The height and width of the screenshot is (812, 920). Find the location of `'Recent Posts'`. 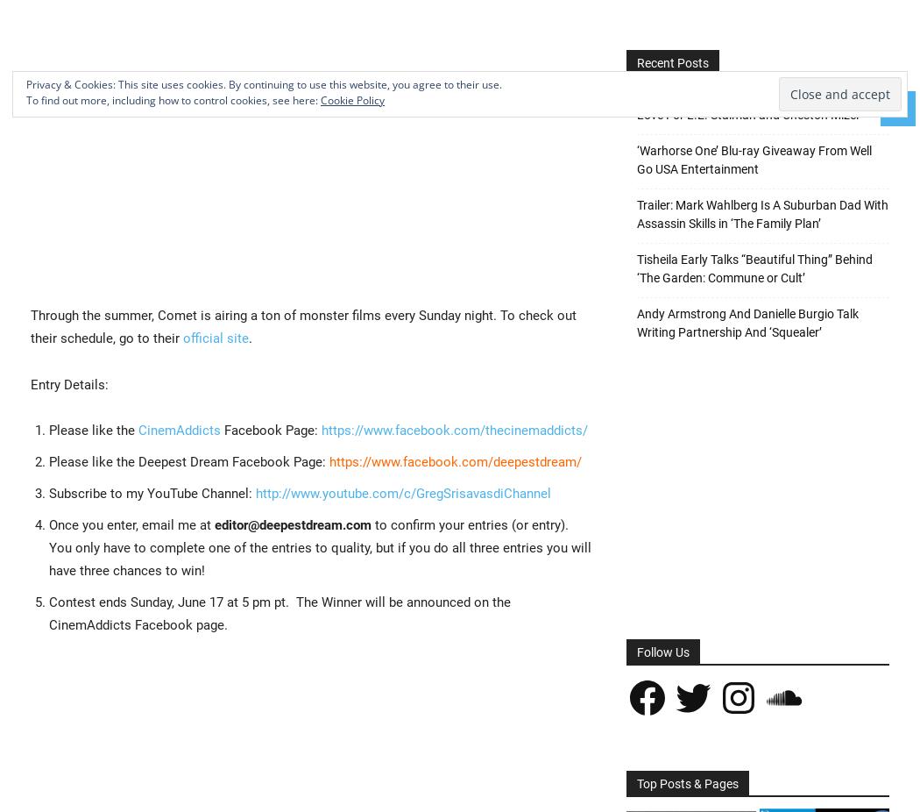

'Recent Posts' is located at coordinates (672, 62).